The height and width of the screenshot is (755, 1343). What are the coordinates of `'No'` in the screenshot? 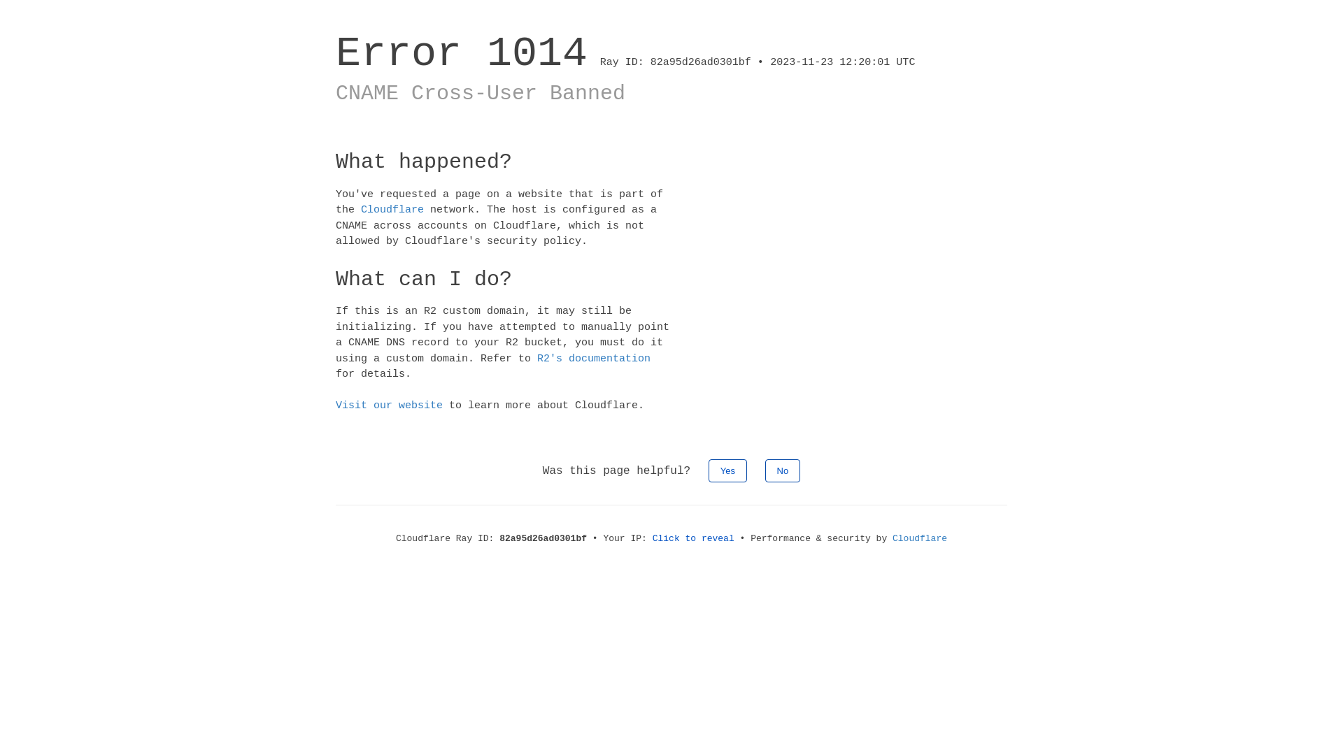 It's located at (782, 470).